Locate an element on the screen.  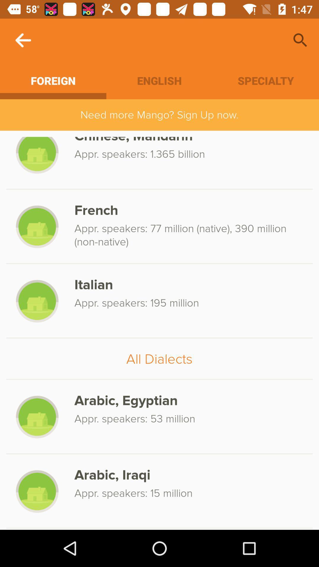
the icon above the foreign icon is located at coordinates (23, 40).